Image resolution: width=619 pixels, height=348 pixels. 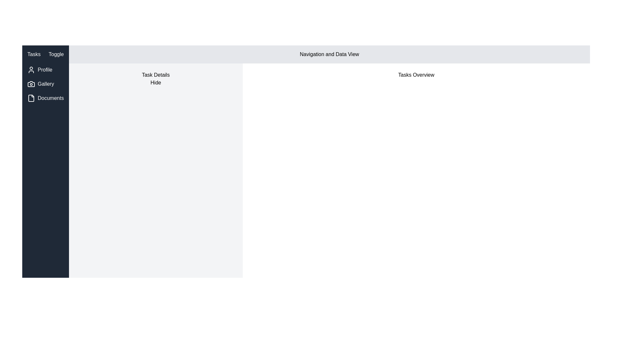 I want to click on the 'Tasks' and 'Toggle' text in the navigation header at the top of the left navigation panel, so click(x=45, y=54).